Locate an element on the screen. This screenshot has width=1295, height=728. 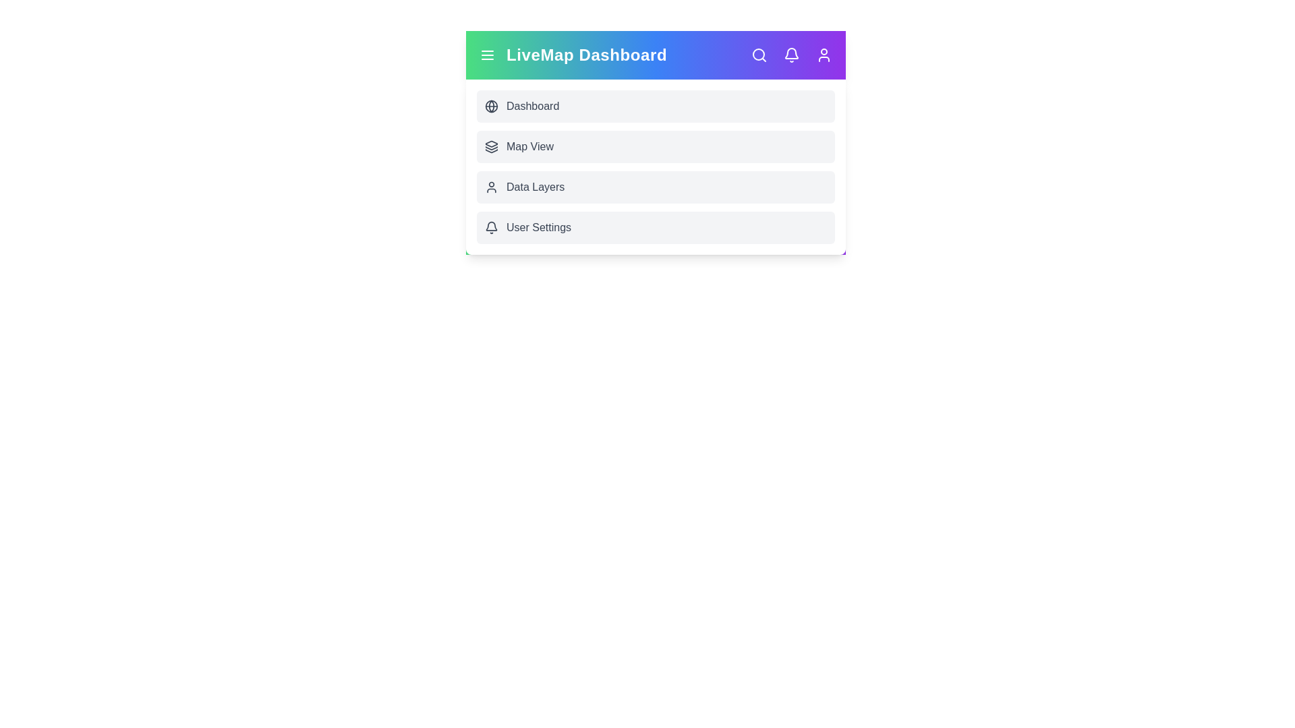
the menu option Map View to navigate is located at coordinates (656, 147).